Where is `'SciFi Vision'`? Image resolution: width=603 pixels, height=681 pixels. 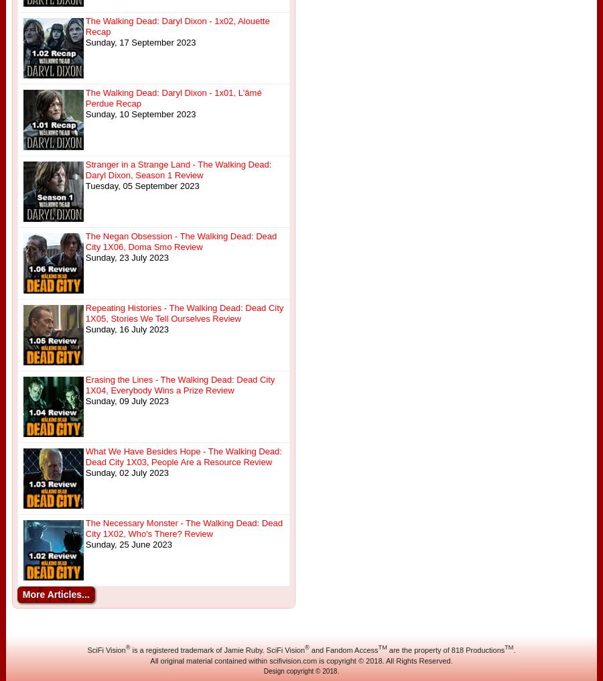 'SciFi Vision' is located at coordinates (86, 649).